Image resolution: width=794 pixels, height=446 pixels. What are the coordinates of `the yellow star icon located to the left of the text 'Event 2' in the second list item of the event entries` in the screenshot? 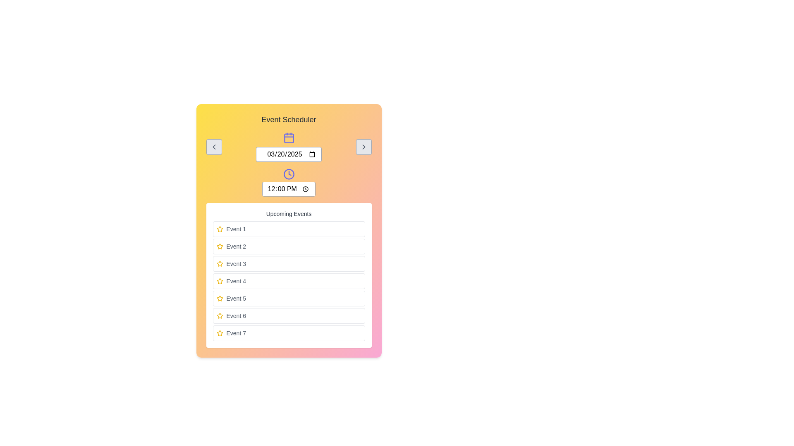 It's located at (220, 246).